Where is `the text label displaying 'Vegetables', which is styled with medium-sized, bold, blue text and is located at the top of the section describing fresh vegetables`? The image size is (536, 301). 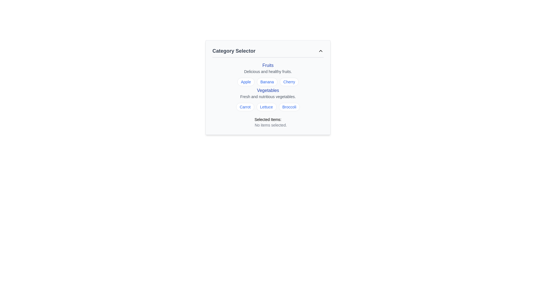 the text label displaying 'Vegetables', which is styled with medium-sized, bold, blue text and is located at the top of the section describing fresh vegetables is located at coordinates (268, 90).